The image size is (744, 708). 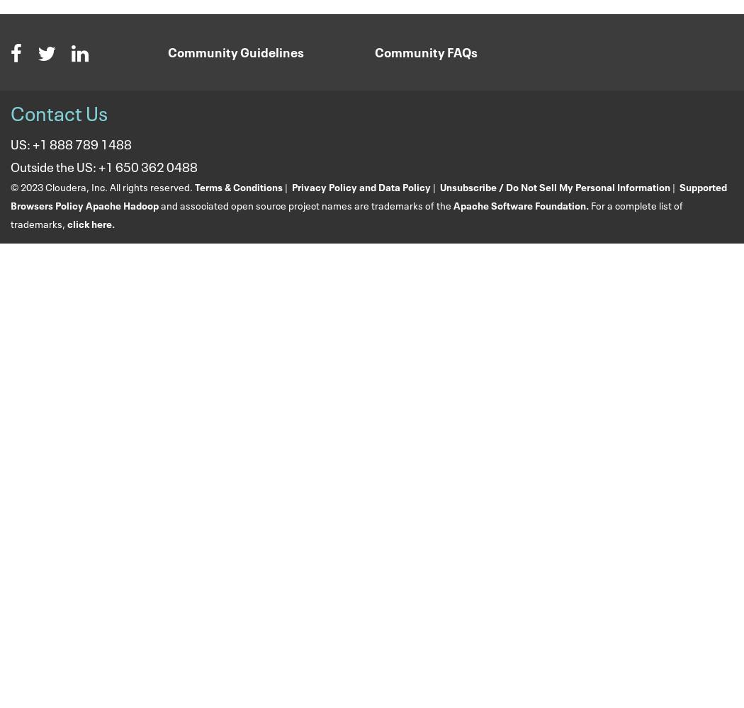 I want to click on 'Apache Software Foundation.', so click(x=520, y=204).